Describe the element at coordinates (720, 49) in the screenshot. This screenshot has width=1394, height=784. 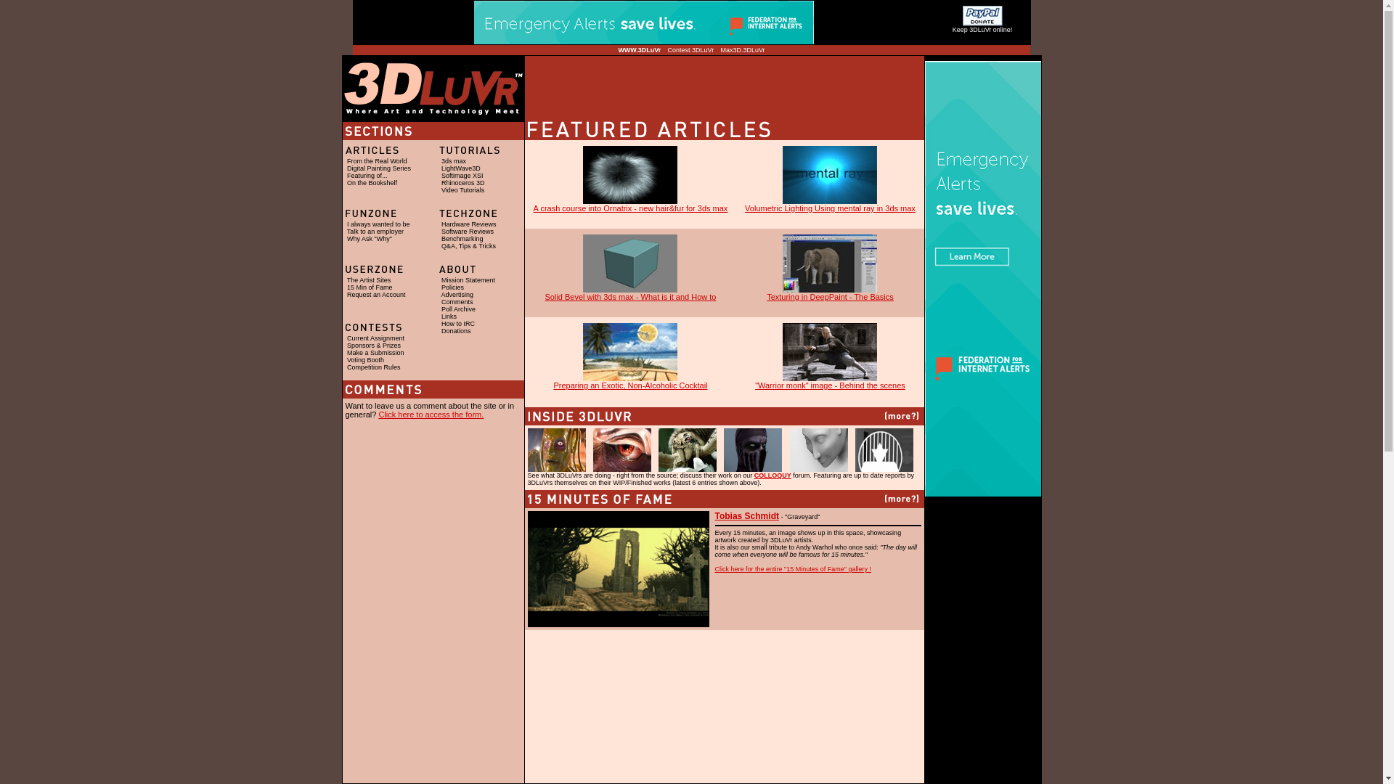
I see `'Max3D.3DLuVr'` at that location.